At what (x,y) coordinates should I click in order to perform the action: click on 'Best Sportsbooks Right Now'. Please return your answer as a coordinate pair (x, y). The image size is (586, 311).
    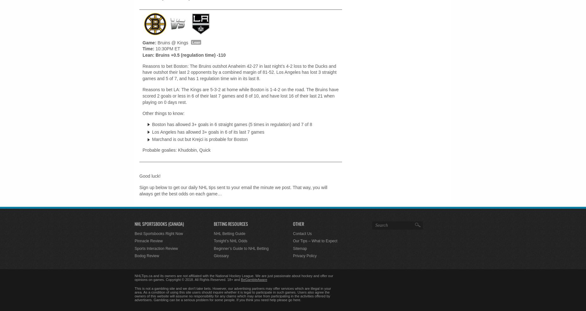
    Looking at the image, I should click on (158, 233).